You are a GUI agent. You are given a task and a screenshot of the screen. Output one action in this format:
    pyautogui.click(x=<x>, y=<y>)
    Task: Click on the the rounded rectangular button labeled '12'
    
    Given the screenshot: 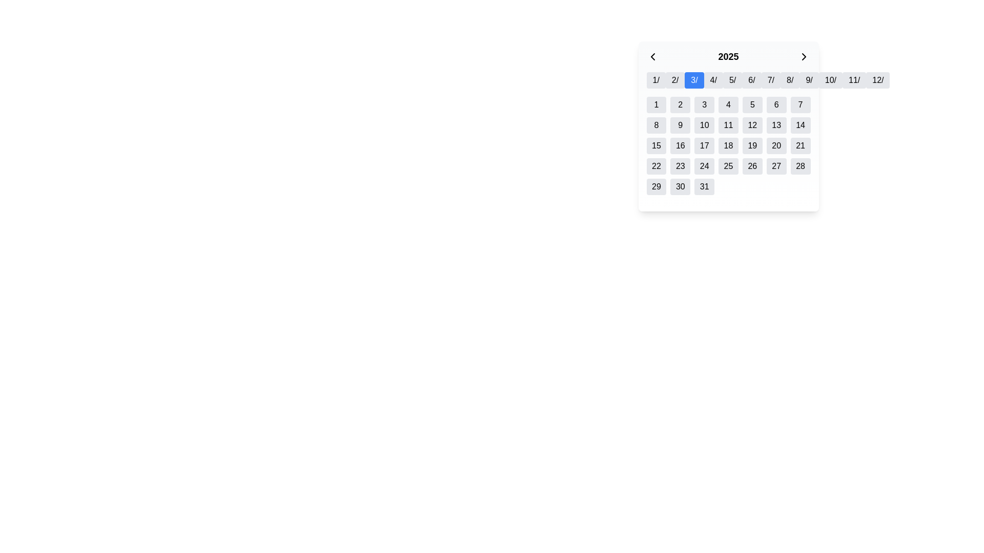 What is the action you would take?
    pyautogui.click(x=752, y=125)
    